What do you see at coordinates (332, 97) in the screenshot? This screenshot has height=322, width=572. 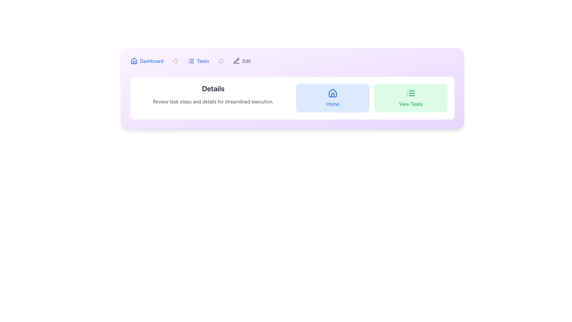 I see `the rectangular button with a light blue background and a house icon labeled 'Home' to observe hover effects` at bounding box center [332, 97].